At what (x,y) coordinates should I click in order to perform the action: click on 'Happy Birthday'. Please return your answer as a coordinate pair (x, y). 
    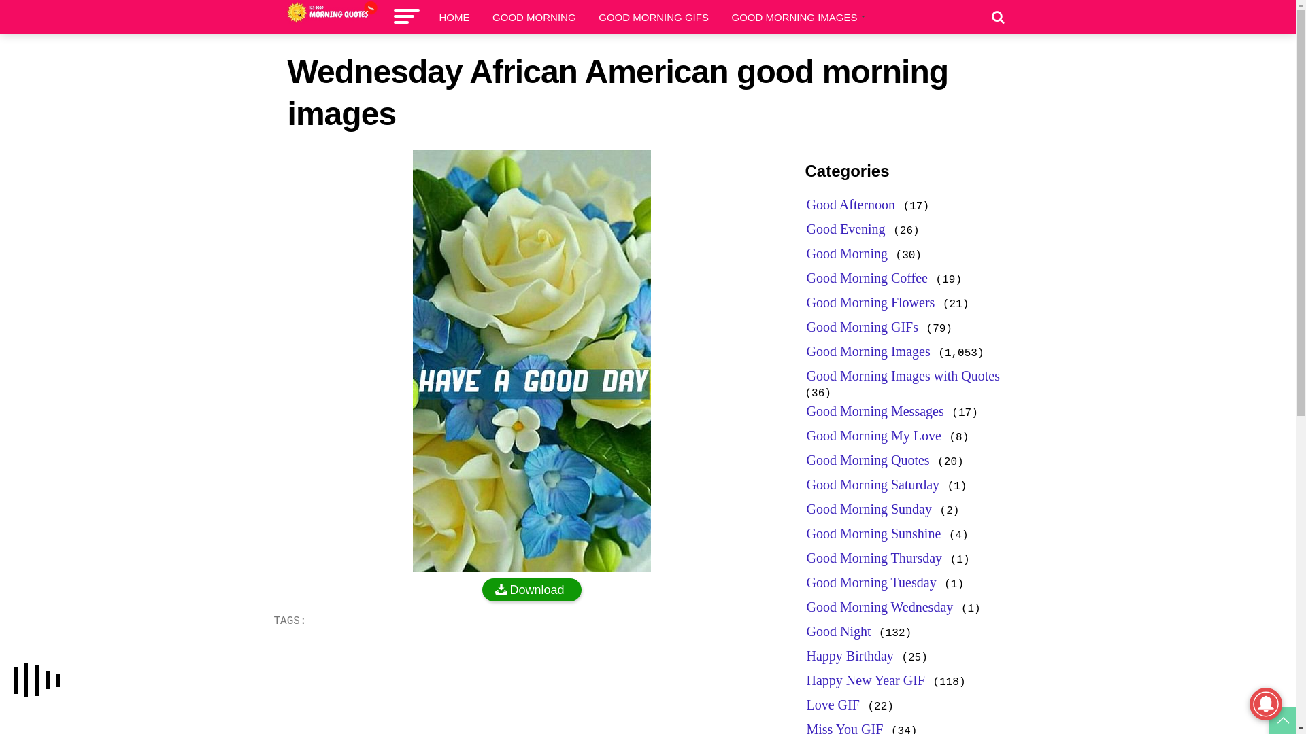
    Looking at the image, I should click on (806, 654).